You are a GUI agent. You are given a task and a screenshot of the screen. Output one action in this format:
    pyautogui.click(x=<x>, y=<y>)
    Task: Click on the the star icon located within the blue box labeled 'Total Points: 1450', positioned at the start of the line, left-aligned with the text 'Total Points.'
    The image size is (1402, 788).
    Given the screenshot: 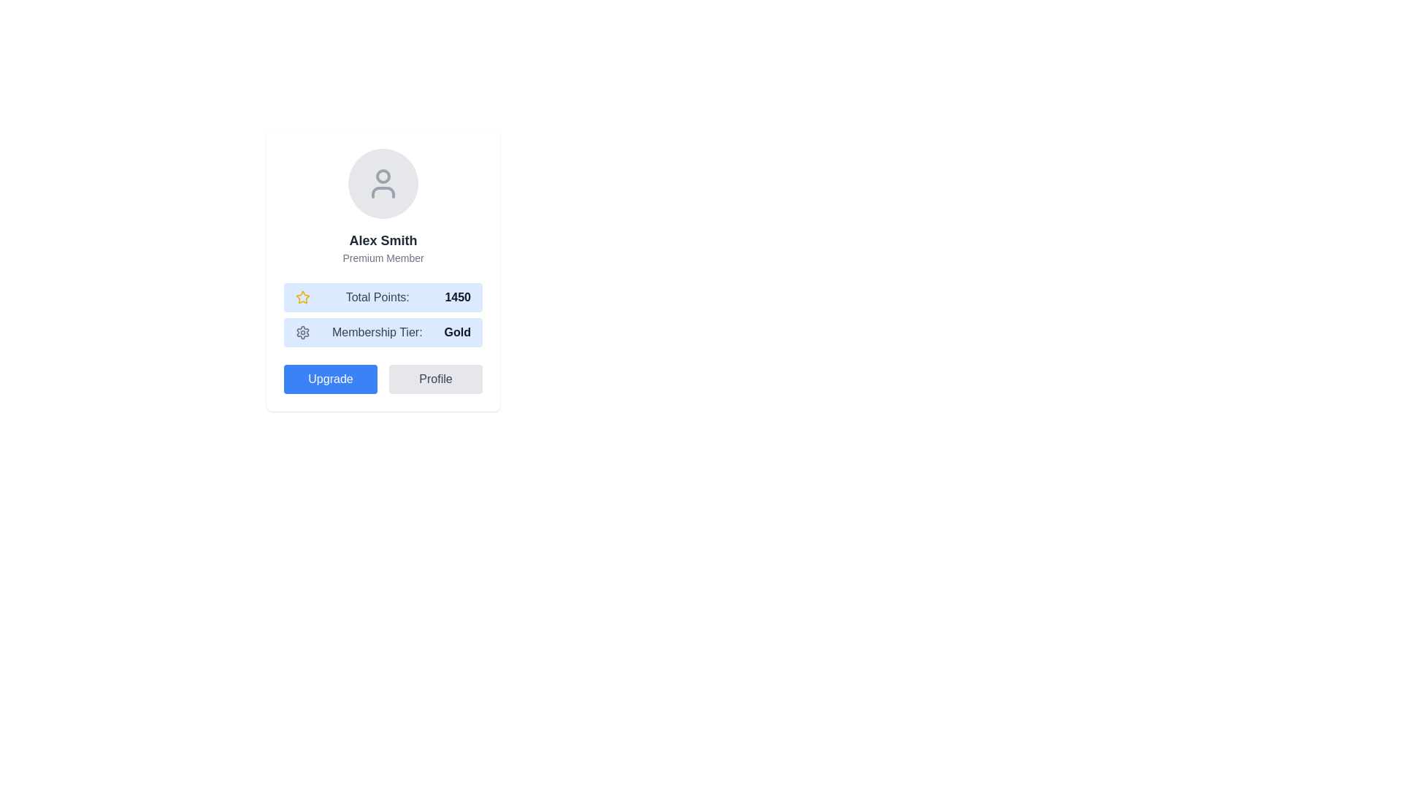 What is the action you would take?
    pyautogui.click(x=302, y=297)
    